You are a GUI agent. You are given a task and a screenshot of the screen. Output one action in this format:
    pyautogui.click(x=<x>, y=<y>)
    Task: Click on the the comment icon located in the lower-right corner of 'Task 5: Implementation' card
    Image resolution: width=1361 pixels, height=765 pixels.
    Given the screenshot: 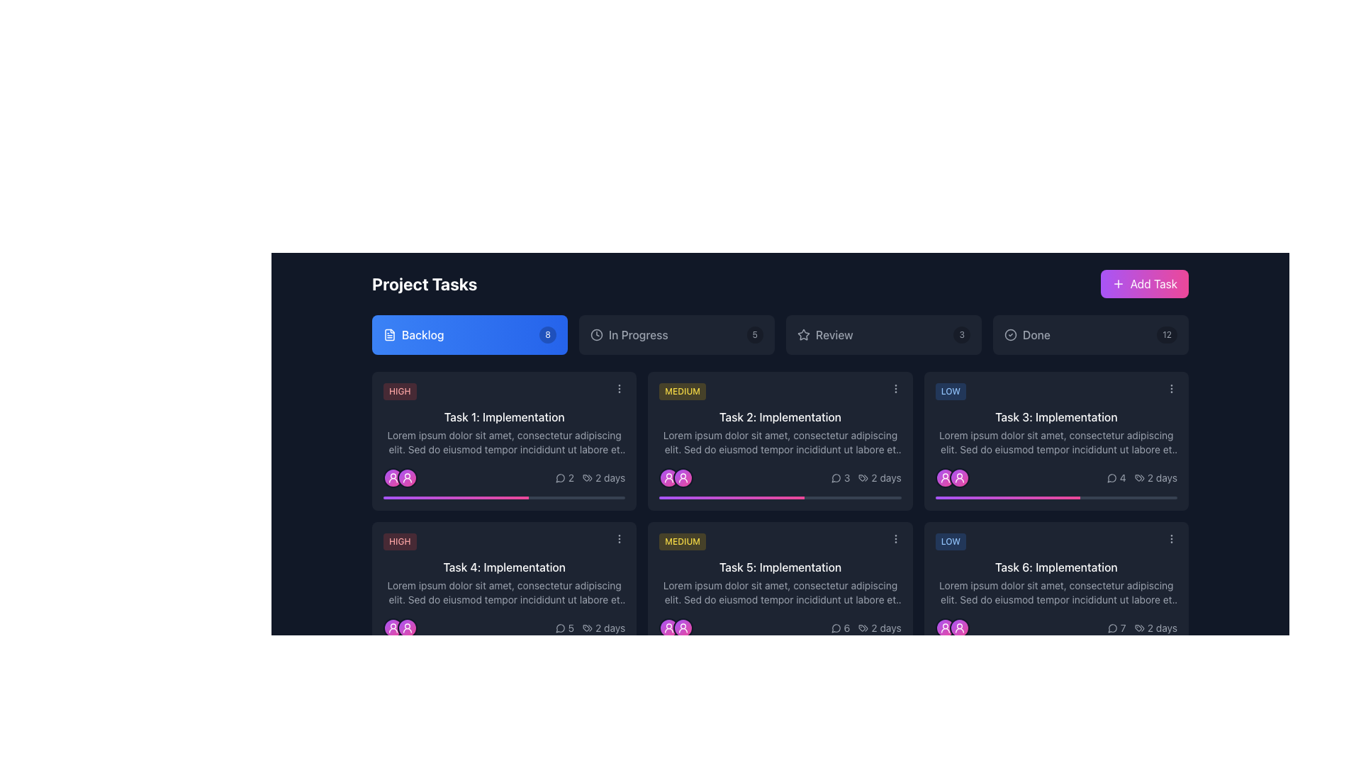 What is the action you would take?
    pyautogui.click(x=836, y=628)
    